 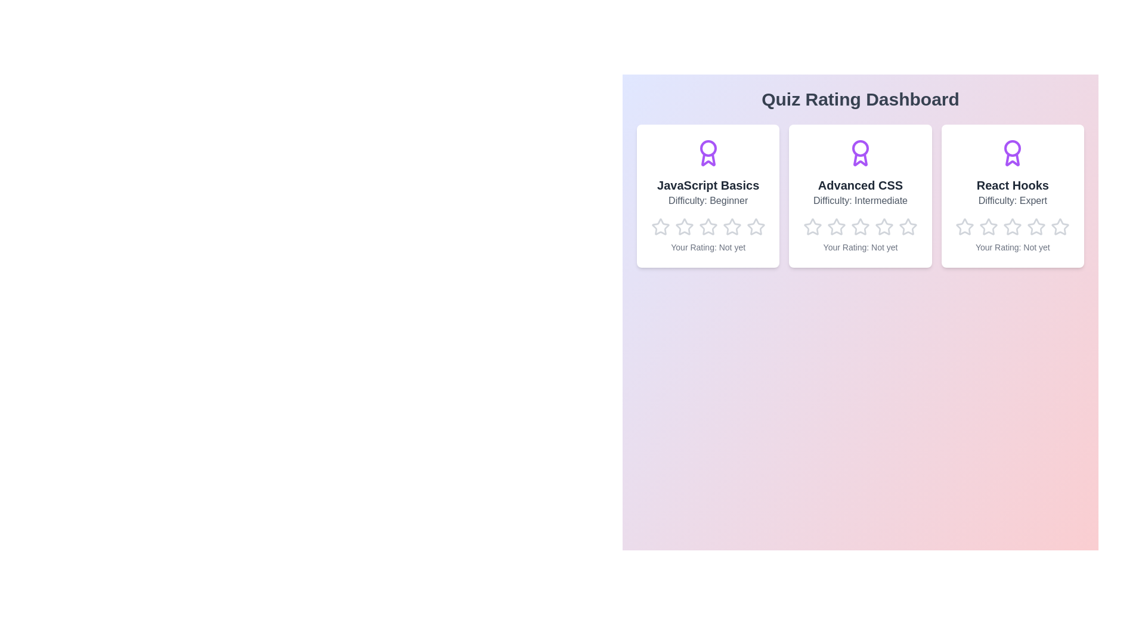 What do you see at coordinates (698, 218) in the screenshot?
I see `the star corresponding to the rating 3 for the quiz JavaScript Basics` at bounding box center [698, 218].